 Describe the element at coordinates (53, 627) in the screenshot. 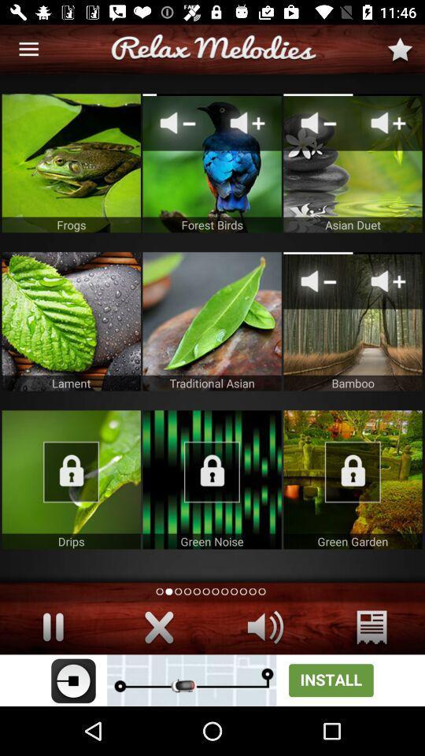

I see `the pause icon` at that location.